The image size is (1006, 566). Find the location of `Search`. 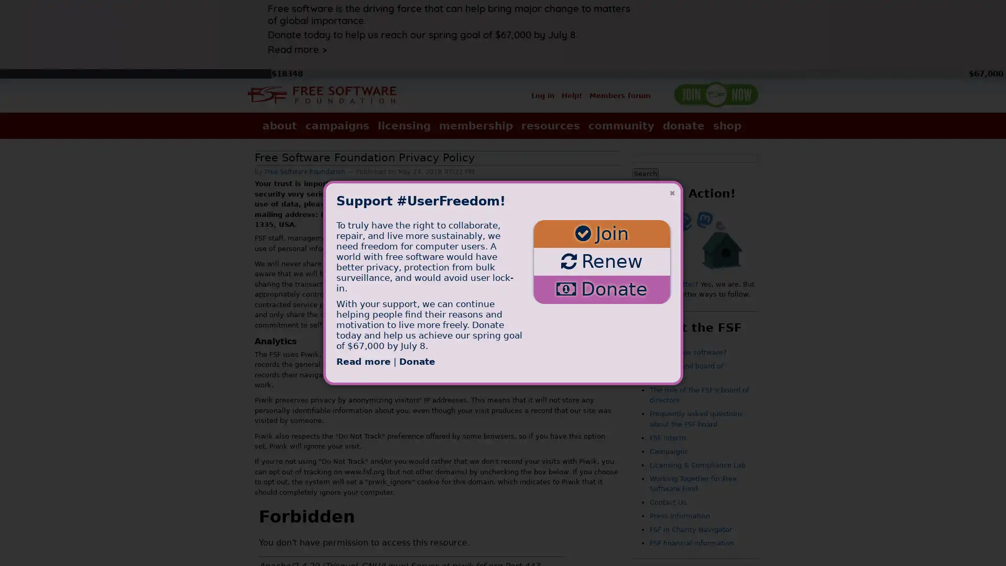

Search is located at coordinates (645, 172).